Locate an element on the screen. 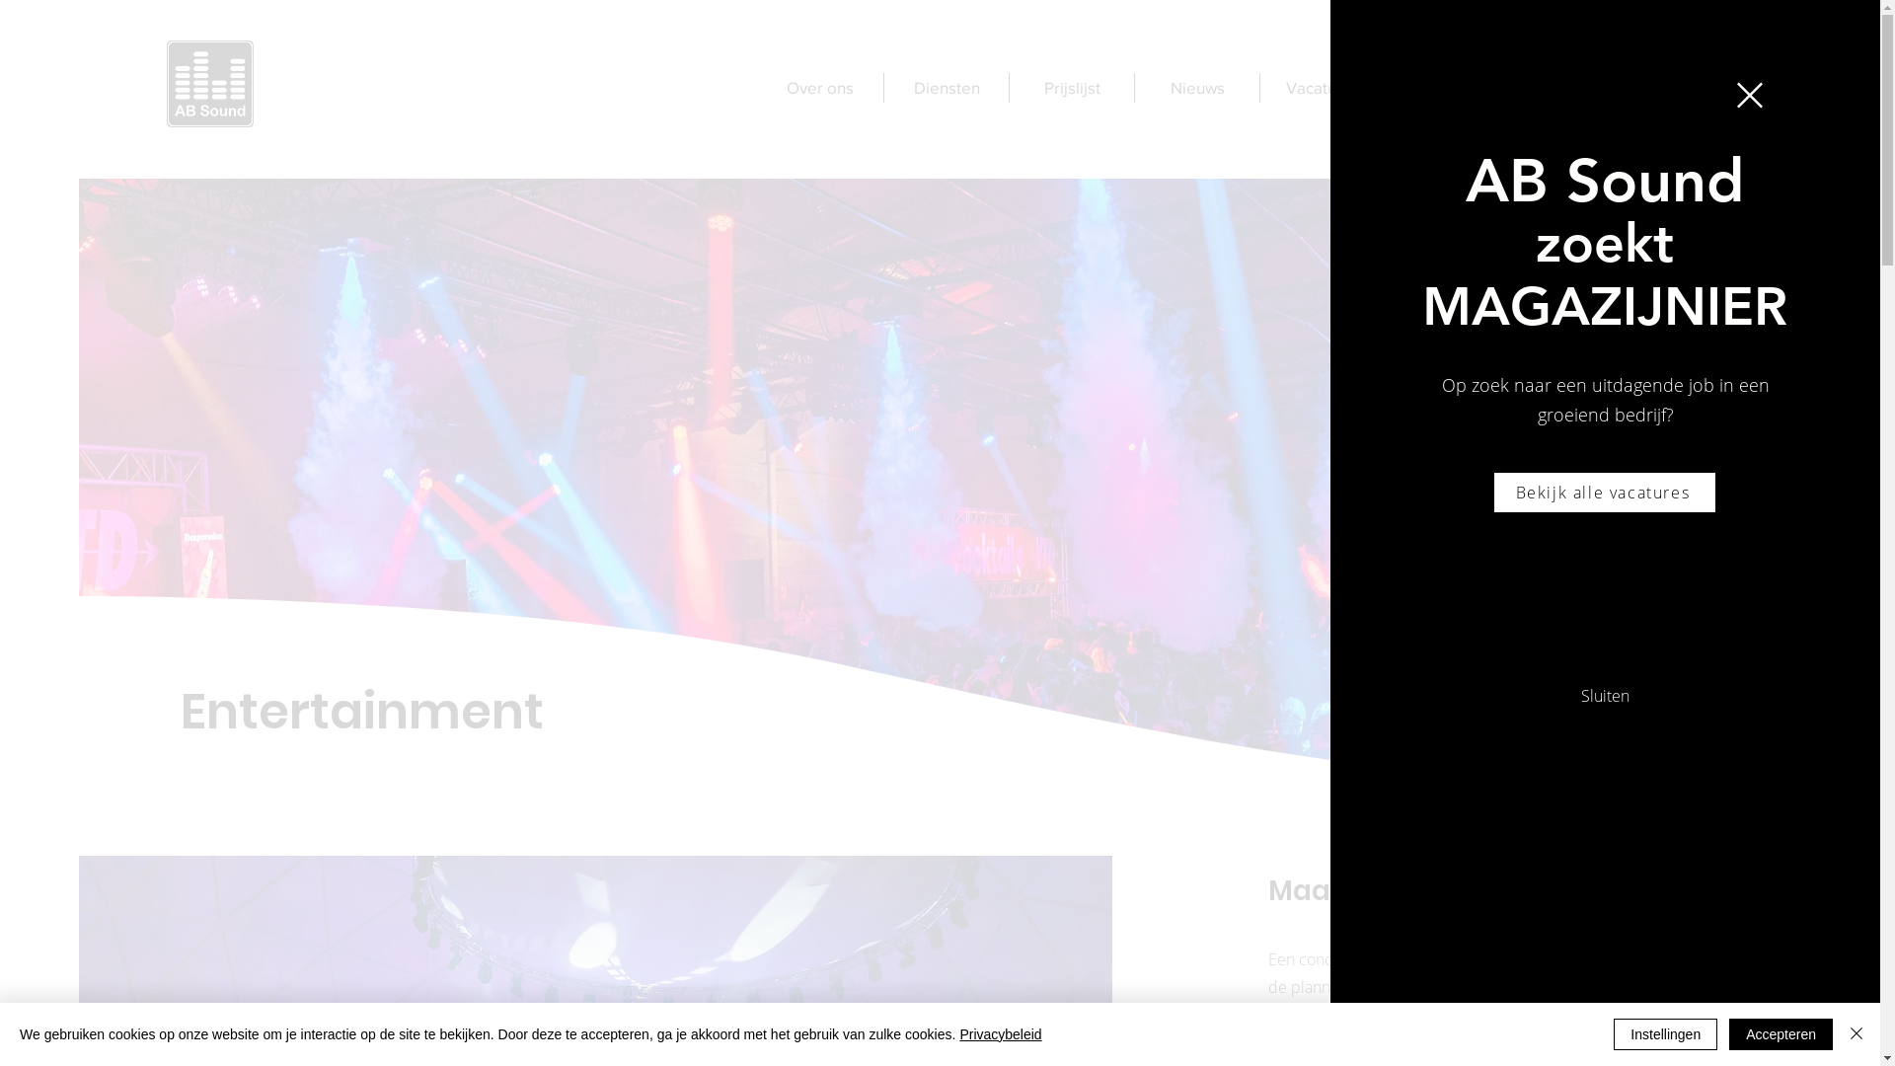  'Contact' is located at coordinates (1448, 86).